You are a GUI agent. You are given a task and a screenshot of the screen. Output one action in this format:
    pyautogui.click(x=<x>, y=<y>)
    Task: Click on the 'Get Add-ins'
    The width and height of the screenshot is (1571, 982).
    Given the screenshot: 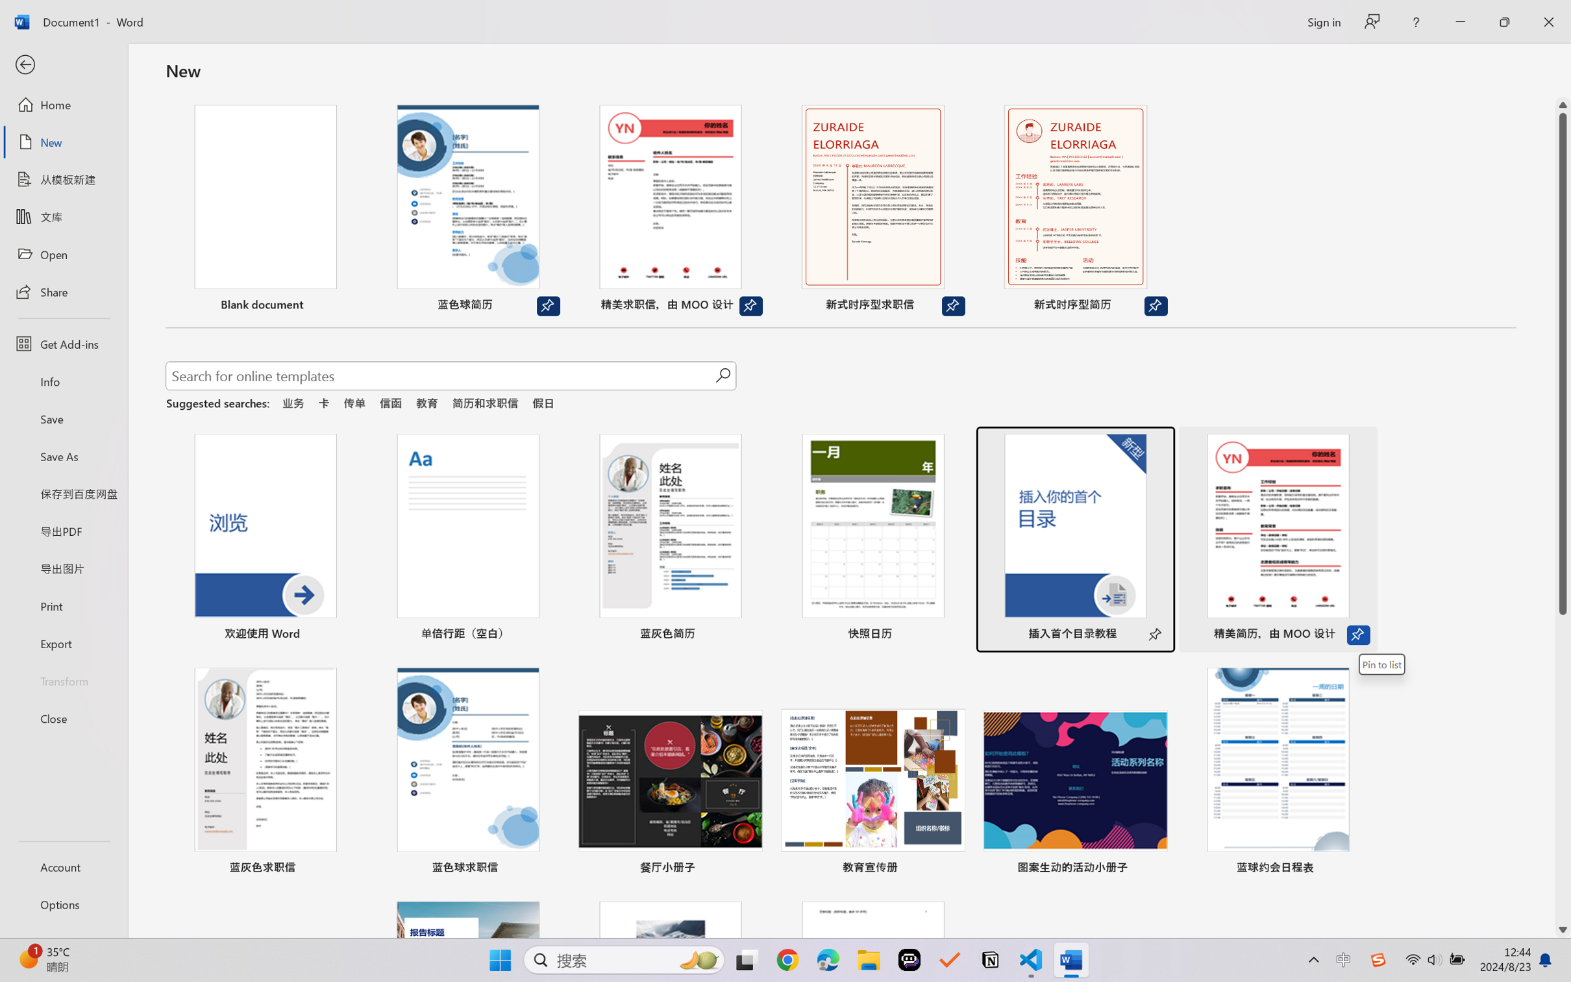 What is the action you would take?
    pyautogui.click(x=63, y=343)
    